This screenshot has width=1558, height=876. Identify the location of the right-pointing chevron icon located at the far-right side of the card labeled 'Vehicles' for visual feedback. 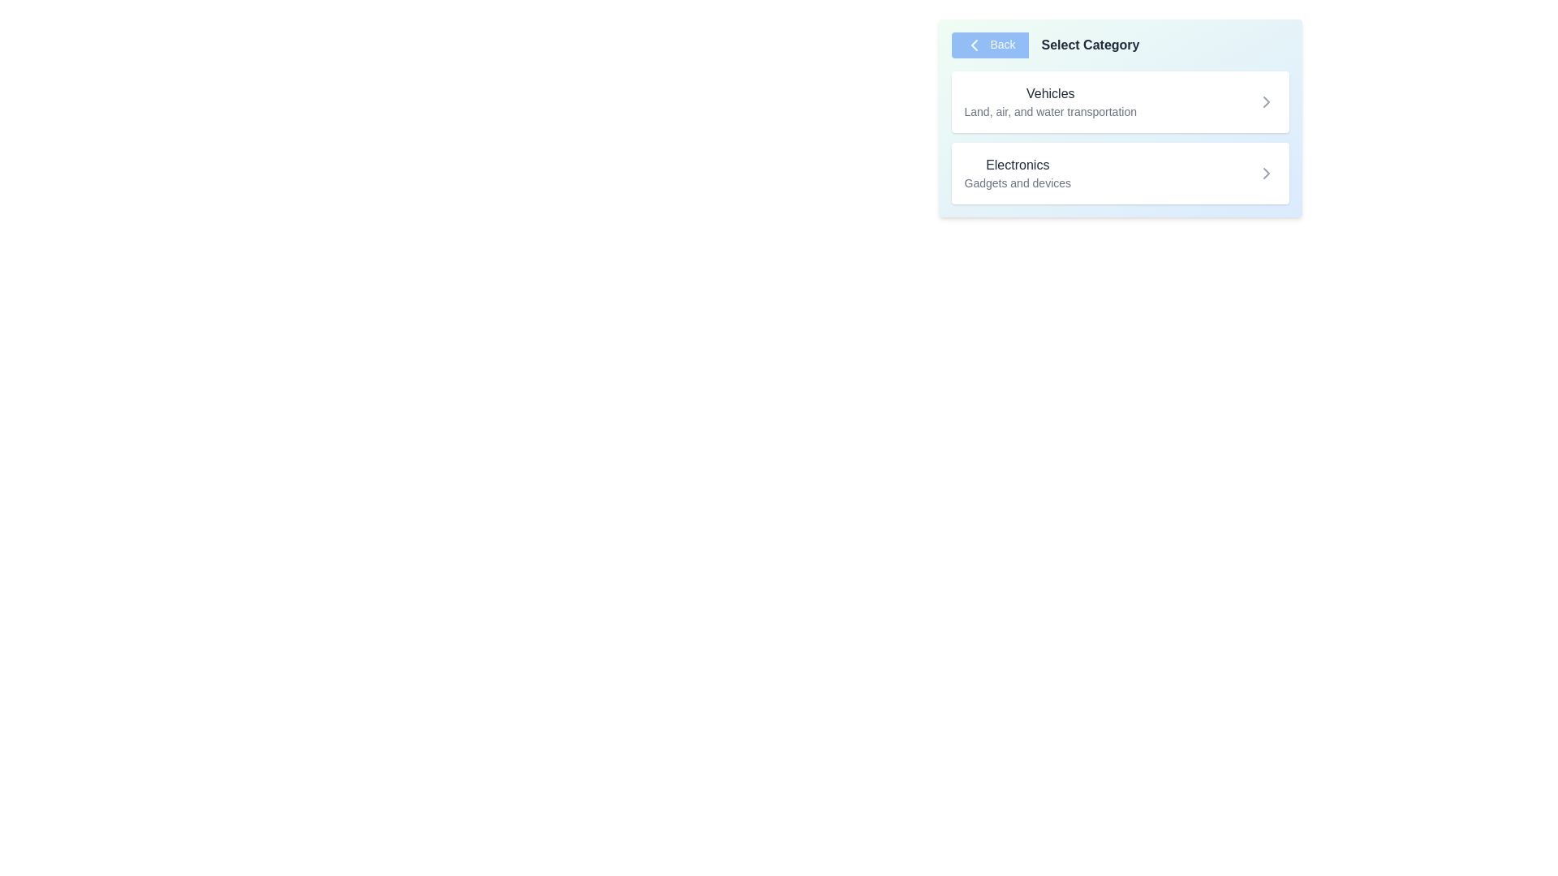
(1265, 102).